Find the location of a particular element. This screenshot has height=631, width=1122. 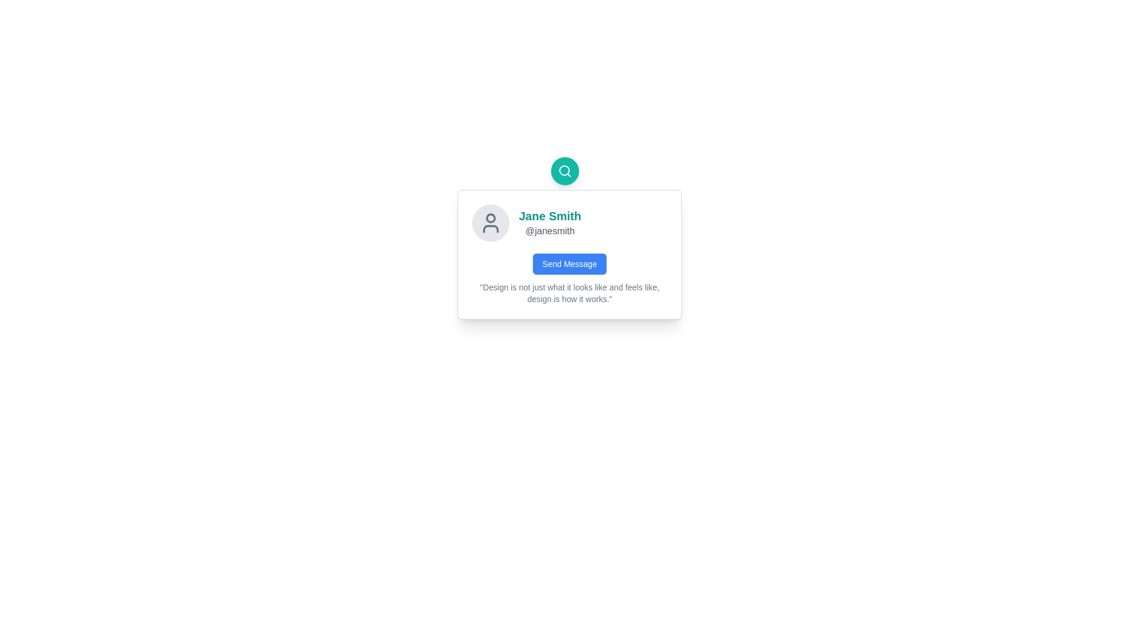

the profile information display showing the name 'Jane Smith' and username '@janesmith', which is aligned to the left in a stacked layout, located to the right of the circular profile icon is located at coordinates (549, 223).